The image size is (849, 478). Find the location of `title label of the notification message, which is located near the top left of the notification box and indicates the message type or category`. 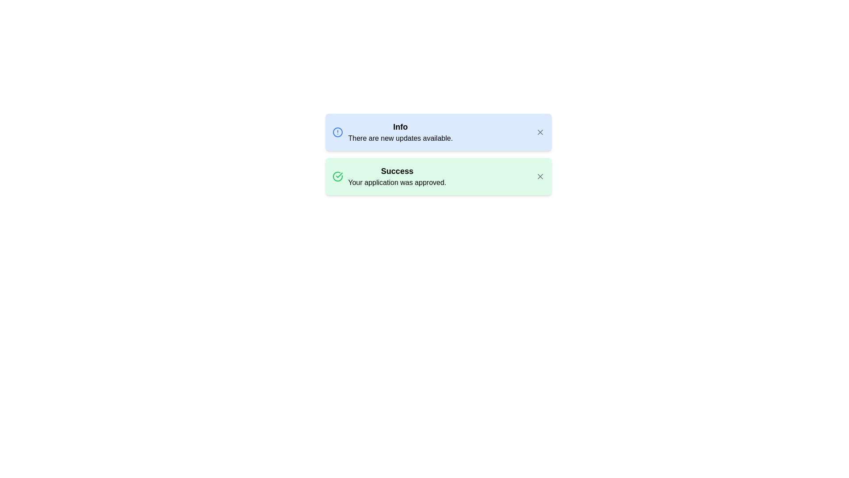

title label of the notification message, which is located near the top left of the notification box and indicates the message type or category is located at coordinates (400, 127).